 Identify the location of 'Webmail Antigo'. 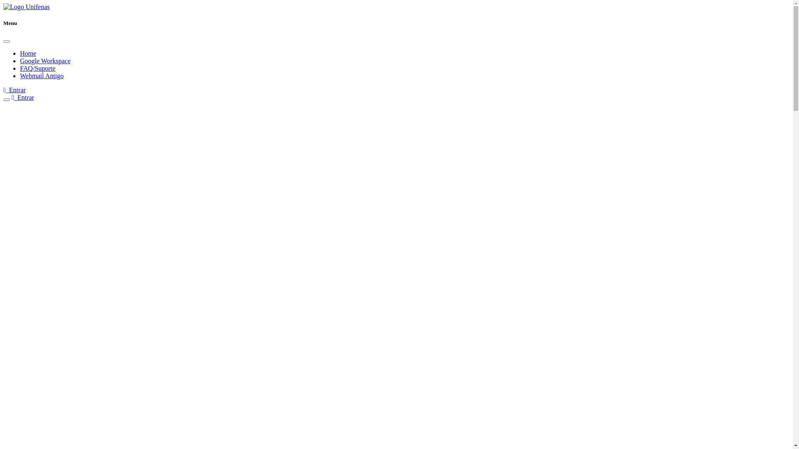
(41, 76).